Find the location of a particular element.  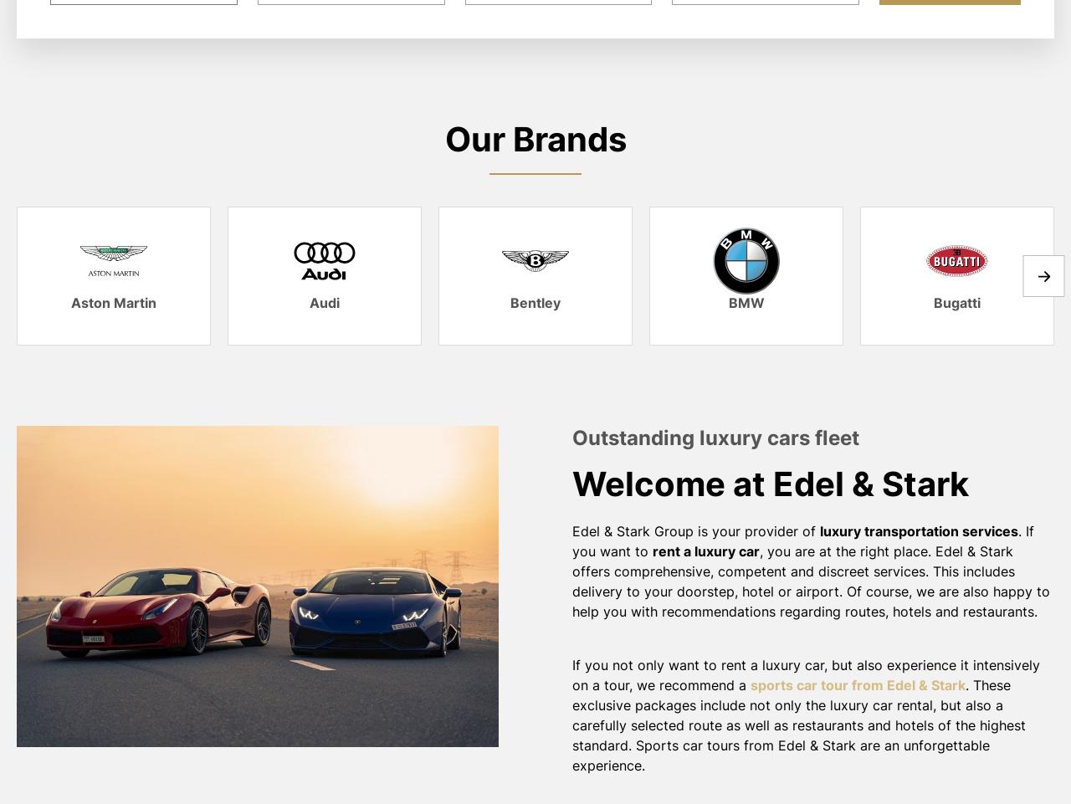

'Outstanding luxury cars fleet' is located at coordinates (572, 438).